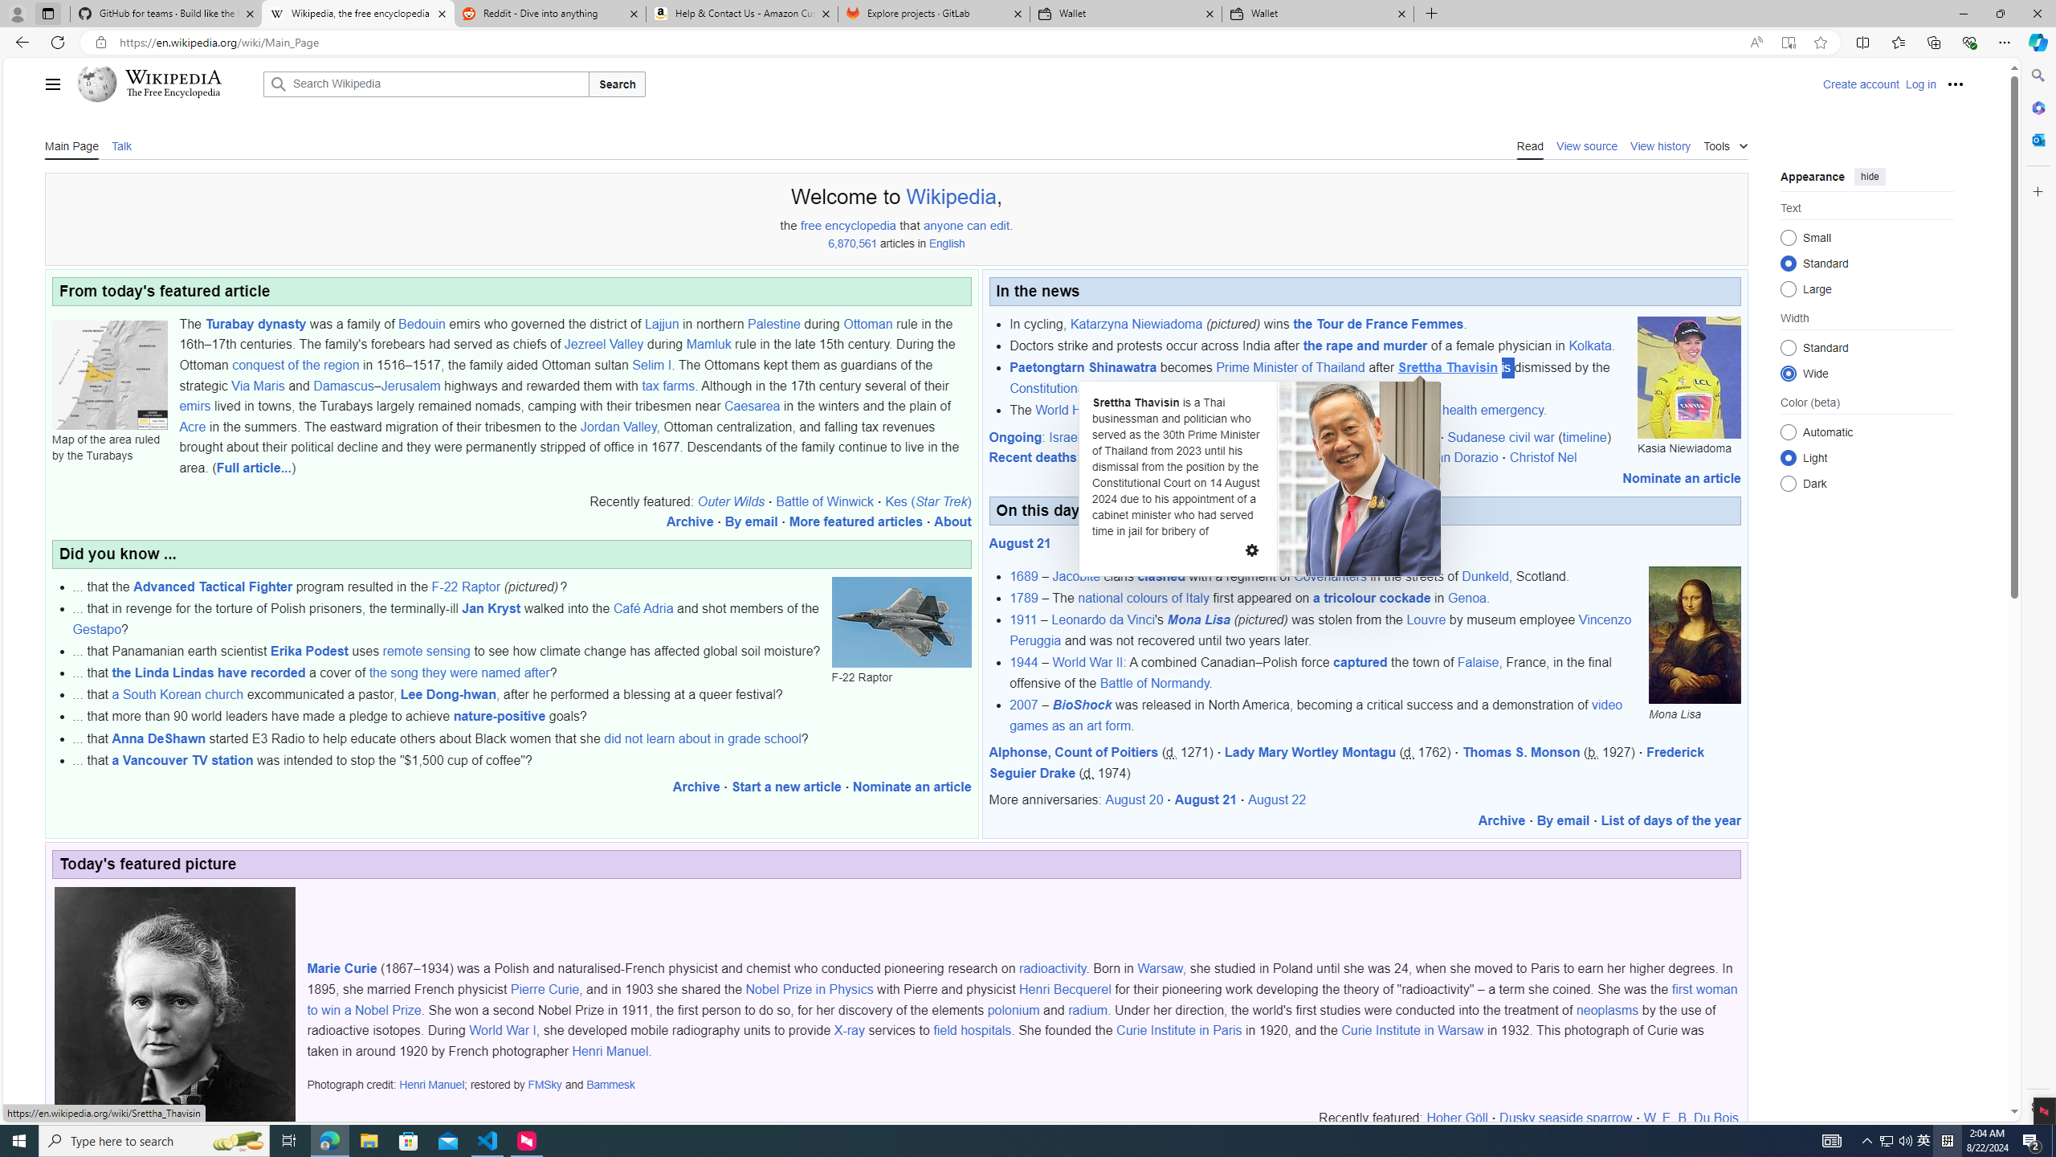 The width and height of the screenshot is (2056, 1157). What do you see at coordinates (848, 1030) in the screenshot?
I see `'X-ray'` at bounding box center [848, 1030].